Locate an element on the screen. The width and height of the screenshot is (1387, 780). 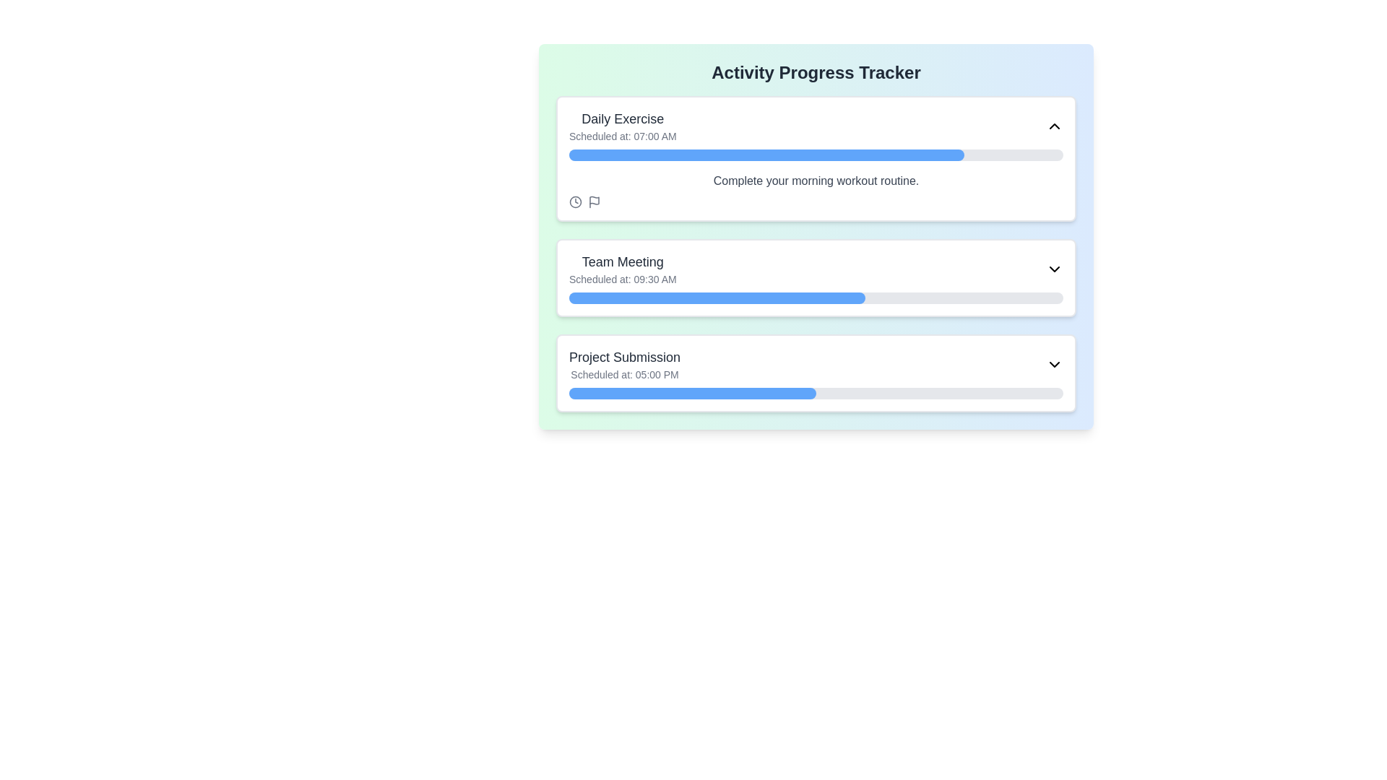
Bolded text label that serves as the title for a scheduled activity, located in the third section of the interface is located at coordinates (624, 357).